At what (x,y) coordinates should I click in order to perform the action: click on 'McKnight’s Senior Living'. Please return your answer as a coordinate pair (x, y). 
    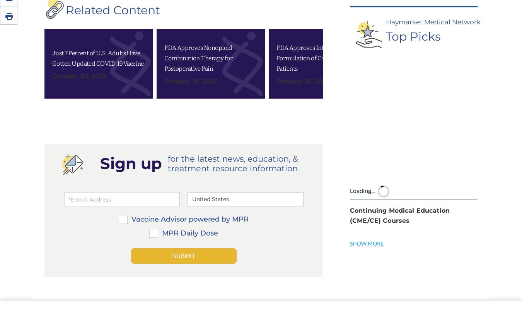
    Looking at the image, I should click on (396, 306).